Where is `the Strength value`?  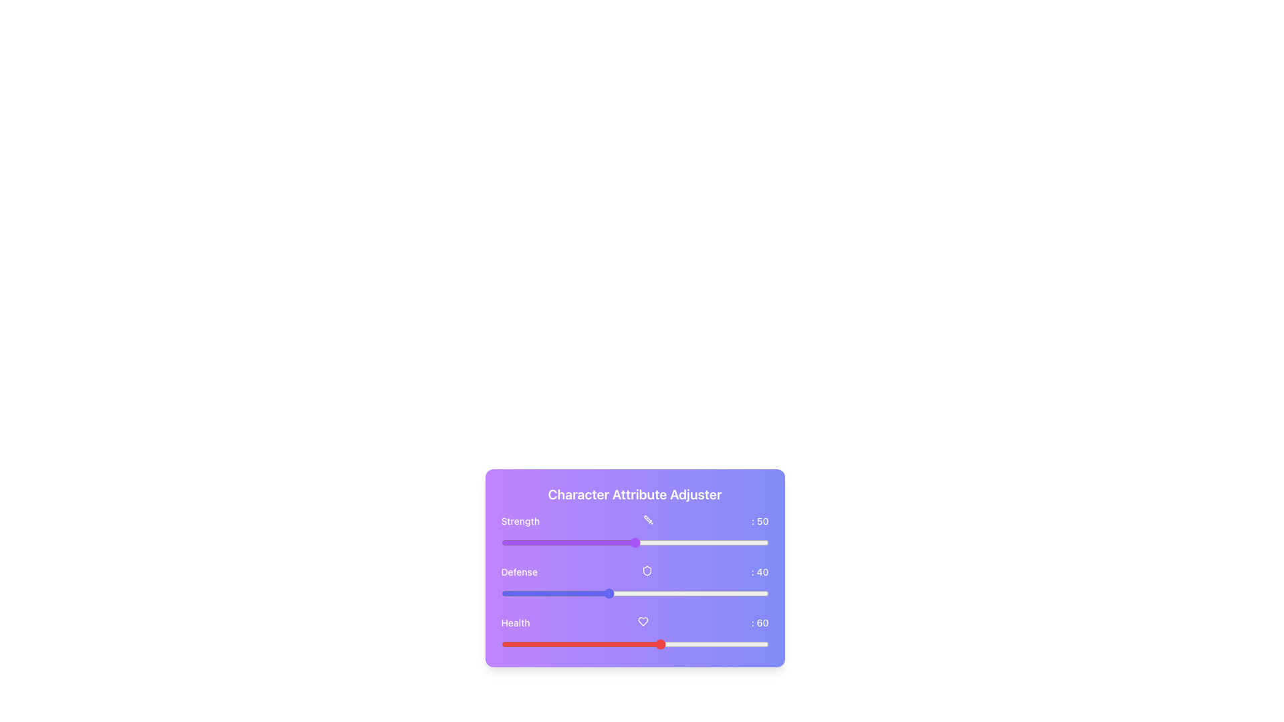
the Strength value is located at coordinates (664, 543).